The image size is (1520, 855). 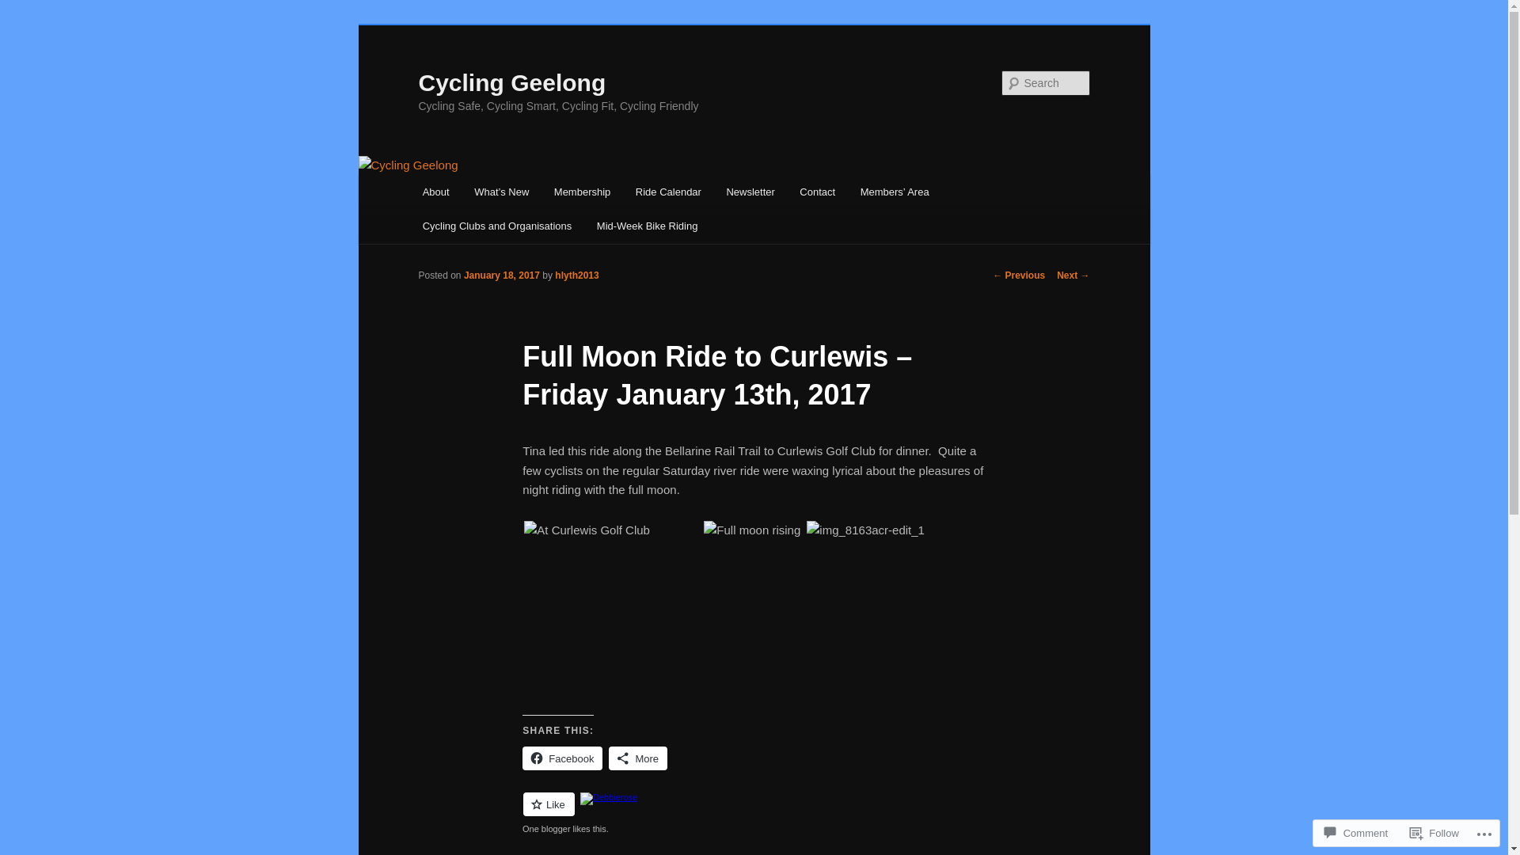 What do you see at coordinates (806, 530) in the screenshot?
I see `'img_8163acr-edit_1'` at bounding box center [806, 530].